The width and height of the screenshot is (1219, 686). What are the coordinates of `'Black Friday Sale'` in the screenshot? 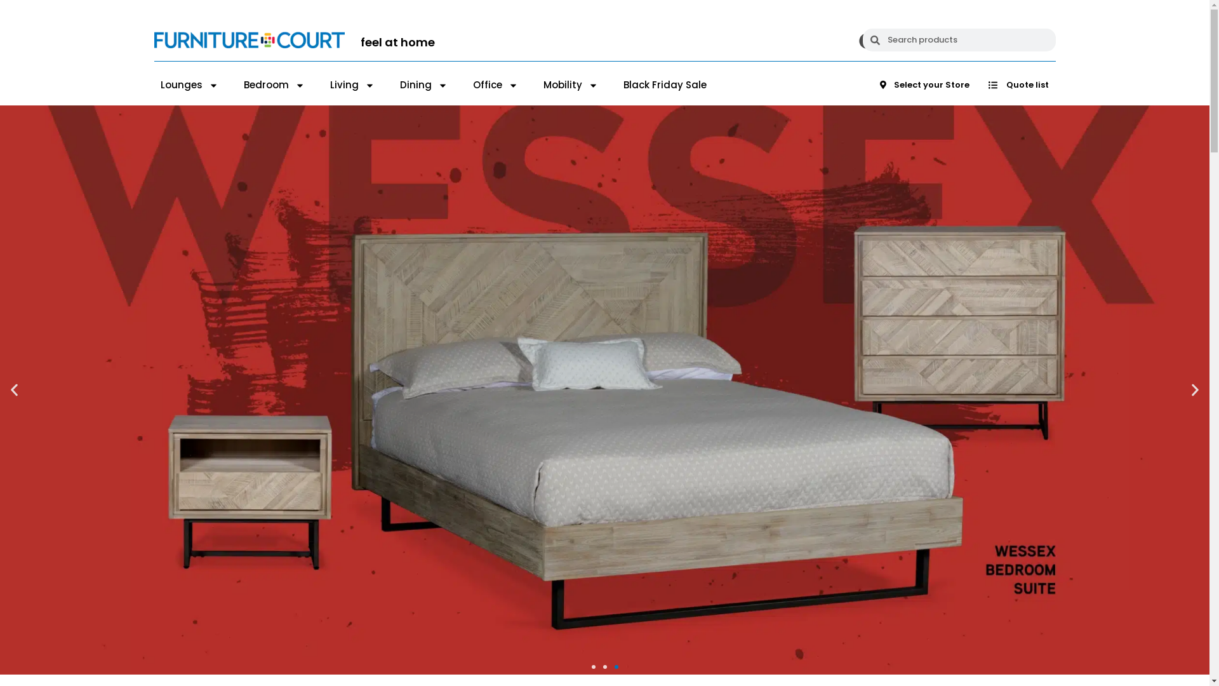 It's located at (664, 85).